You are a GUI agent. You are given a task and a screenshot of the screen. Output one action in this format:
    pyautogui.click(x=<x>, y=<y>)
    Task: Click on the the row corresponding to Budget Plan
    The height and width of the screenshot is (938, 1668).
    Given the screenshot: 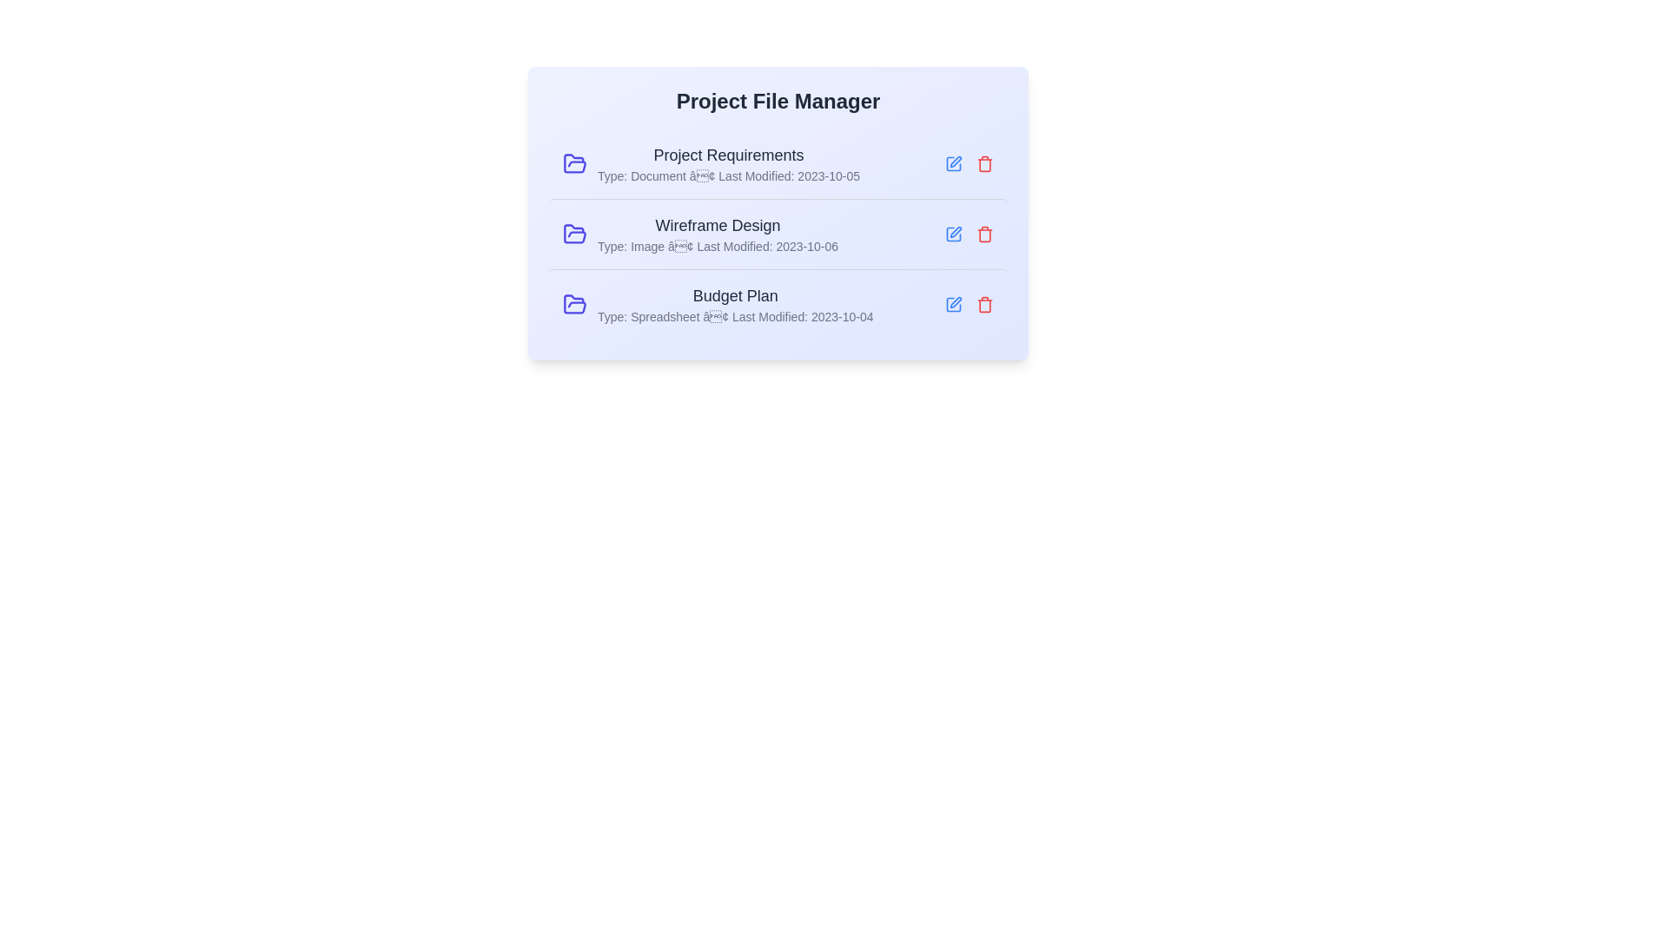 What is the action you would take?
    pyautogui.click(x=778, y=303)
    